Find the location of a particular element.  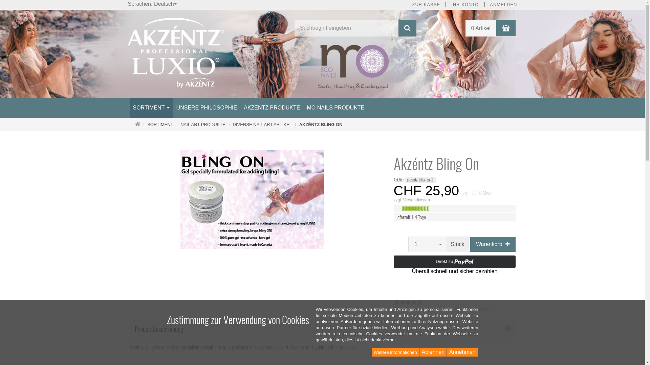

'SORTIMENT' is located at coordinates (151, 107).